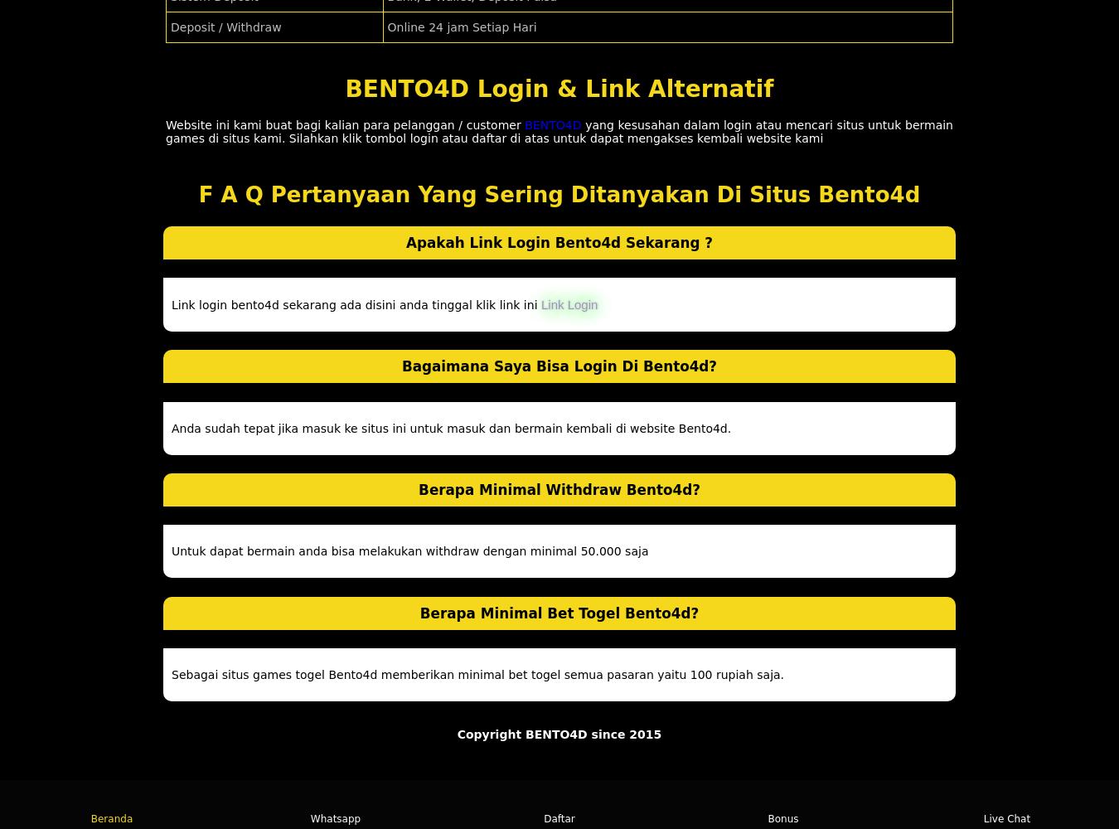 The height and width of the screenshot is (829, 1119). What do you see at coordinates (568, 303) in the screenshot?
I see `'Link Login'` at bounding box center [568, 303].